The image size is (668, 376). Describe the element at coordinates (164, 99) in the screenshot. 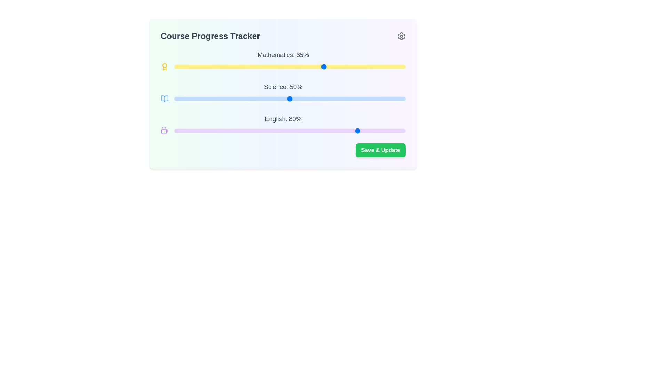

I see `the light blue book icon that is positioned to the left of the text label 'Science: 50%' and its blue progress bar, which visually associates it with the science progress tracker` at that location.